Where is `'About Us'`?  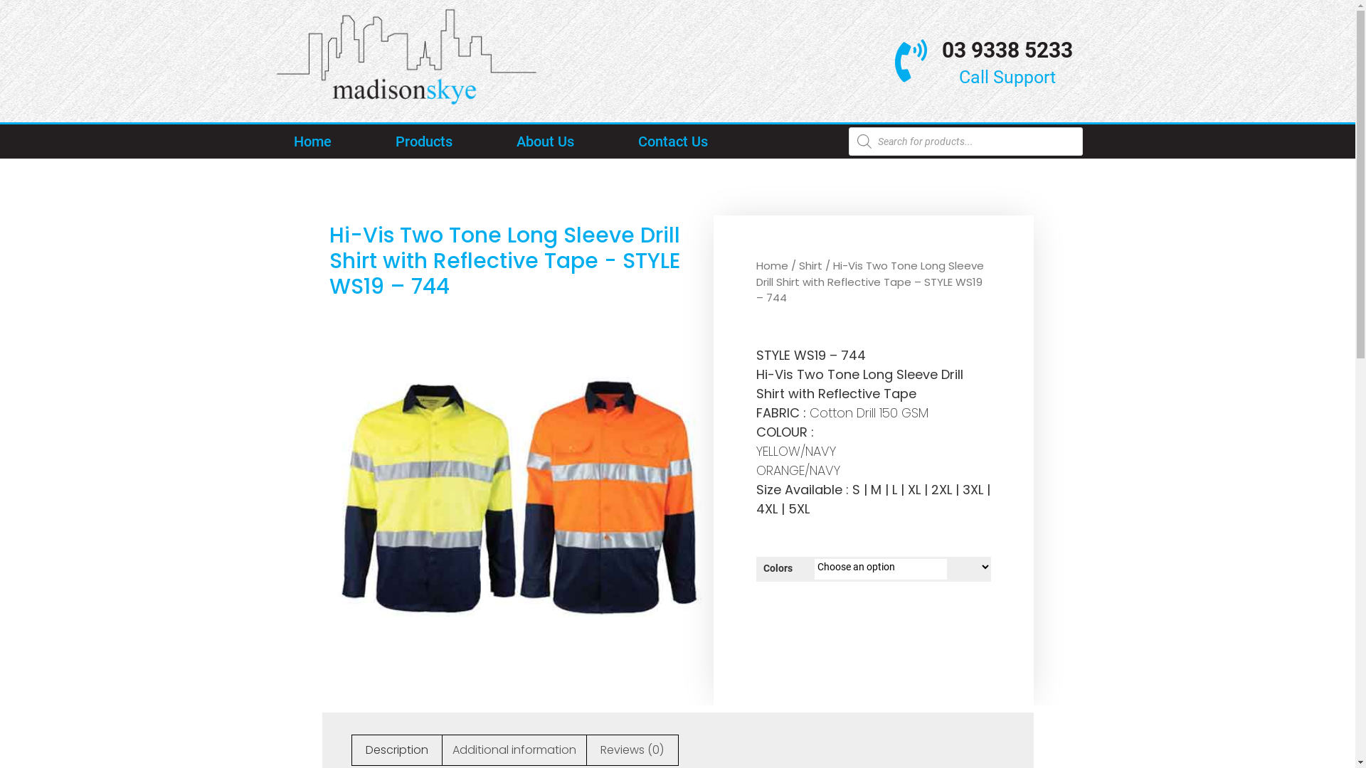 'About Us' is located at coordinates (495, 142).